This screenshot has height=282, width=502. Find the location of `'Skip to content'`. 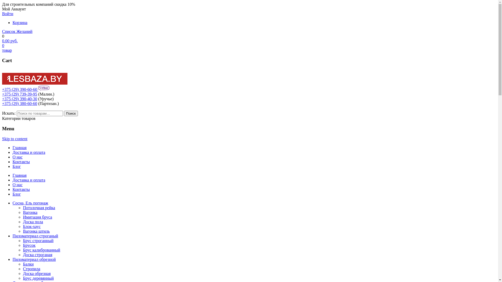

'Skip to content' is located at coordinates (15, 138).